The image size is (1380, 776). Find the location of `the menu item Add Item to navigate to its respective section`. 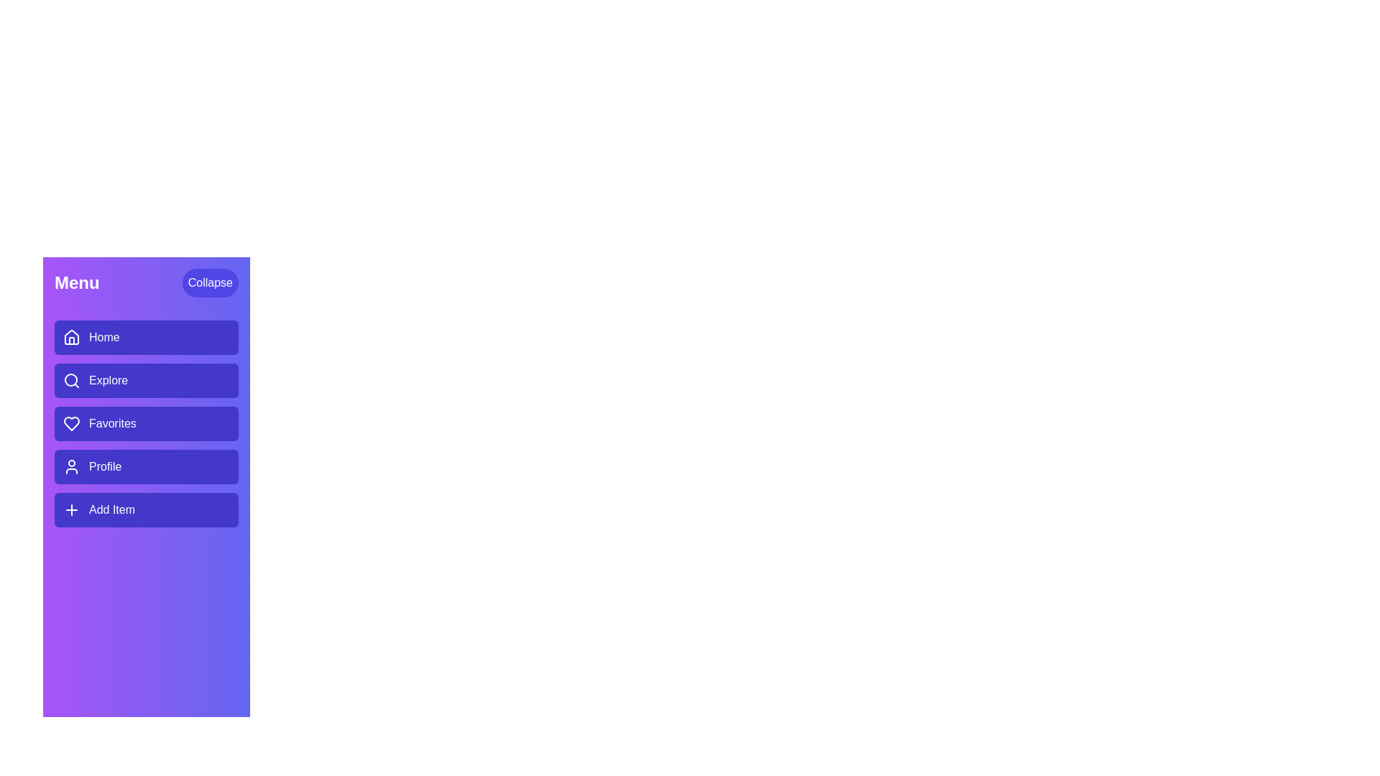

the menu item Add Item to navigate to its respective section is located at coordinates (146, 509).